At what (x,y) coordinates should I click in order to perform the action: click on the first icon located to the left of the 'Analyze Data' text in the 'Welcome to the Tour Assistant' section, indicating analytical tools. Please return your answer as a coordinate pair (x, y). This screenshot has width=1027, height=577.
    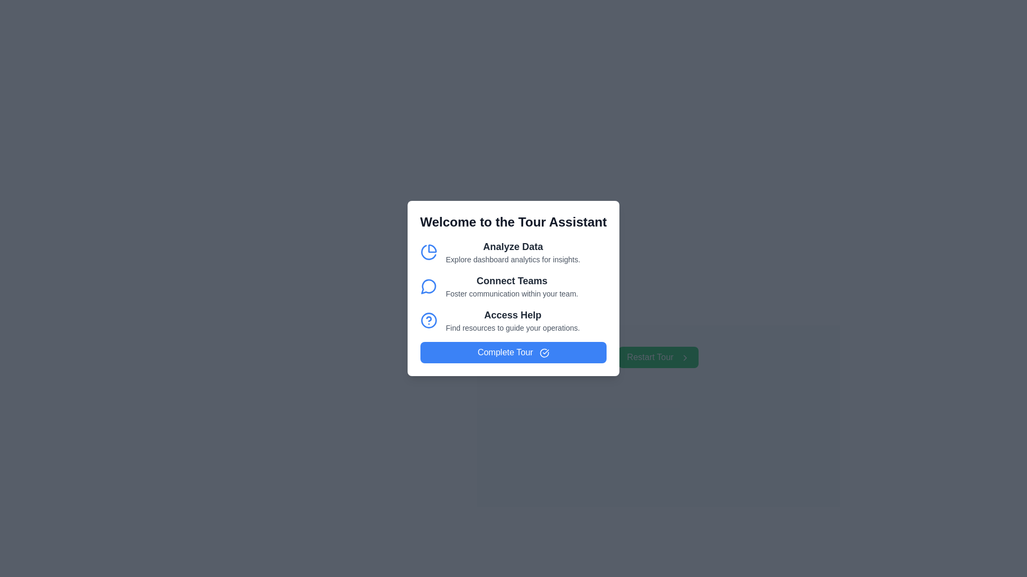
    Looking at the image, I should click on (428, 252).